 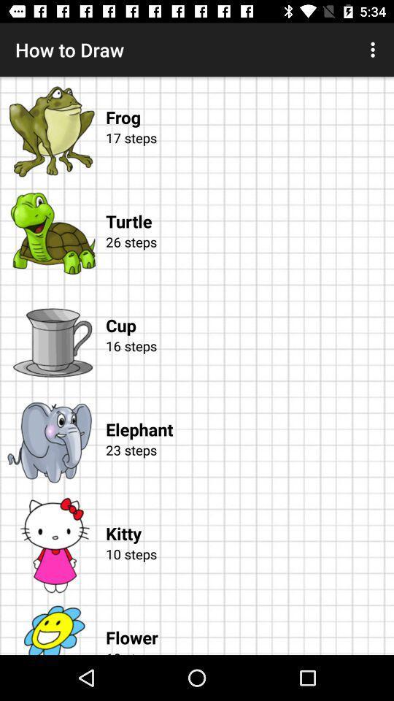 I want to click on the icon at the top right corner, so click(x=374, y=50).